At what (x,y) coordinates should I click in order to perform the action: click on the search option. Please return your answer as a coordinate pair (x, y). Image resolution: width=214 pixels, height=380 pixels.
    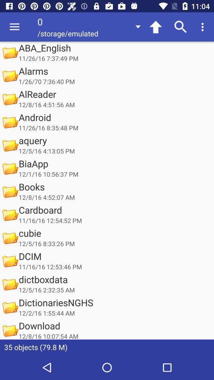
    Looking at the image, I should click on (181, 27).